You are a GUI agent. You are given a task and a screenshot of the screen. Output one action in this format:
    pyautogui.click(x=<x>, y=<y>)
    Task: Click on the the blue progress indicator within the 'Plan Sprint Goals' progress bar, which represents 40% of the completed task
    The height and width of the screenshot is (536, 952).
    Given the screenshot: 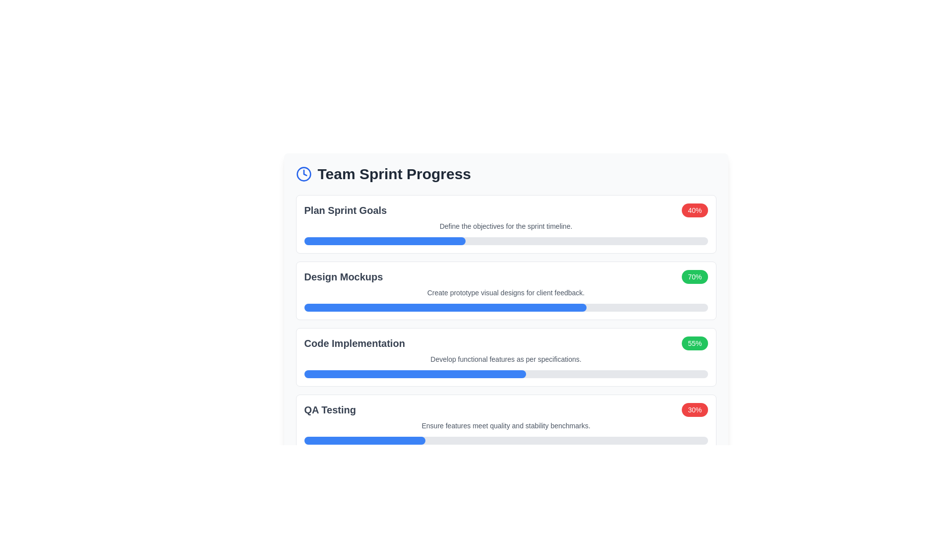 What is the action you would take?
    pyautogui.click(x=384, y=241)
    